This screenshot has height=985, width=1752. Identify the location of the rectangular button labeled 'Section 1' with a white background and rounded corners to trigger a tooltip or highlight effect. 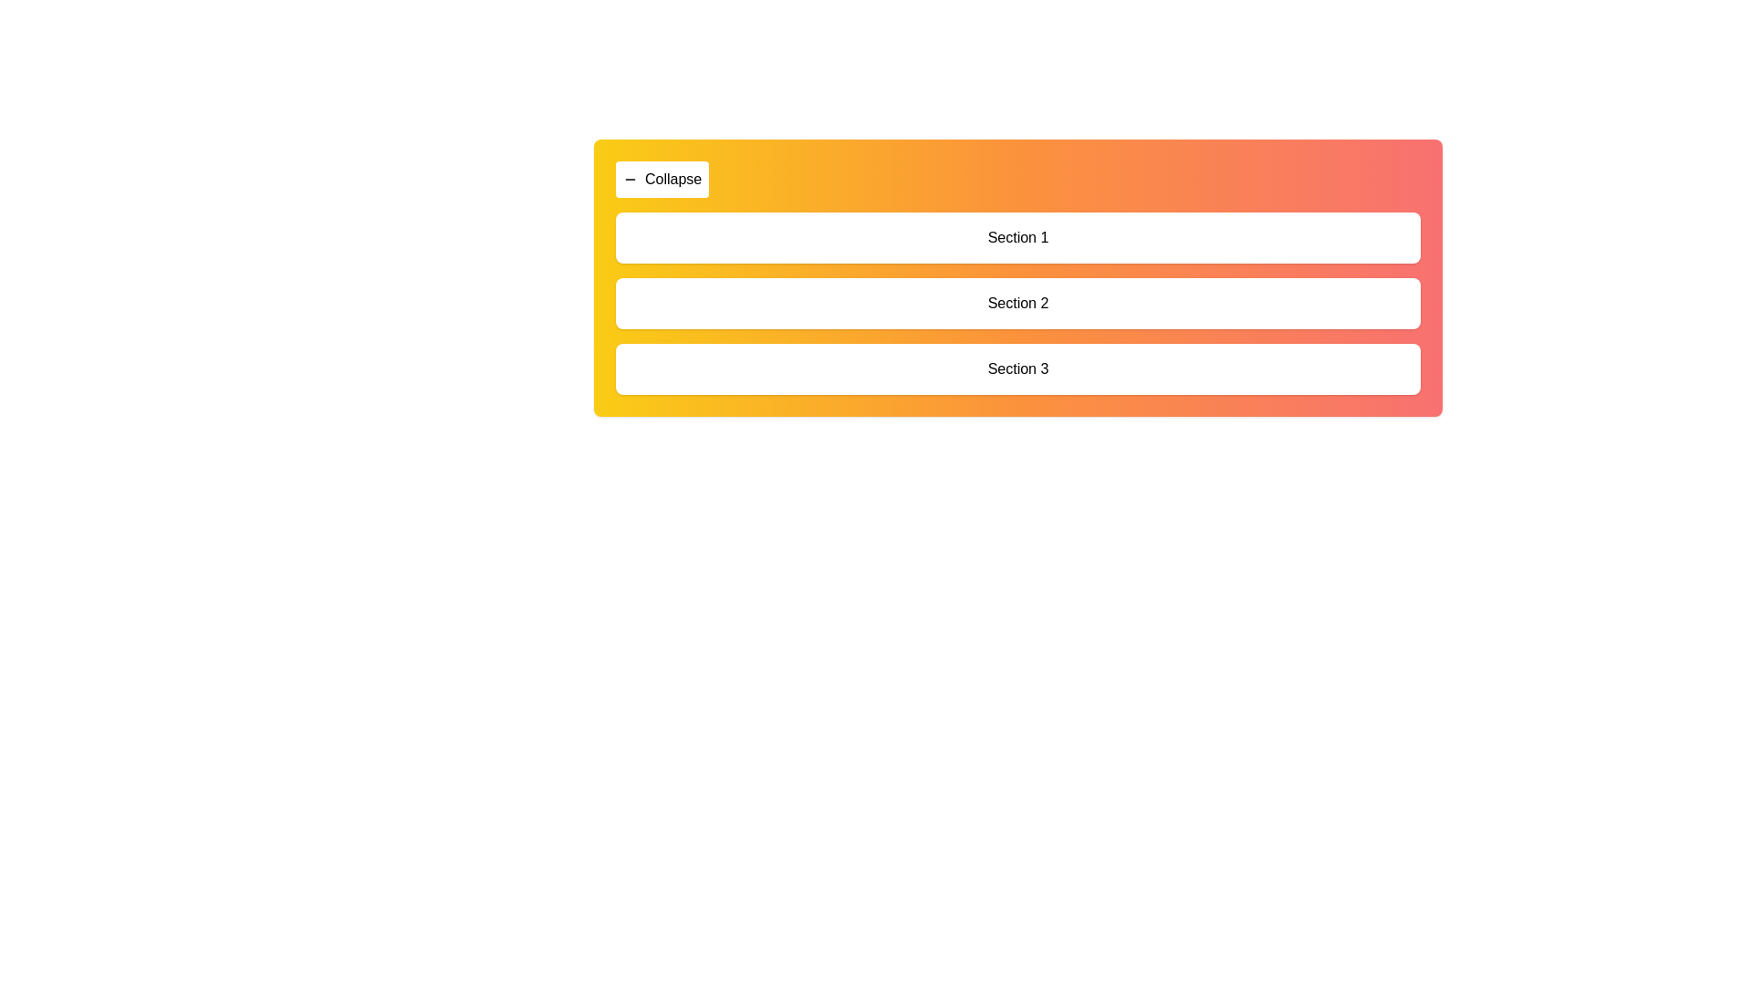
(1017, 237).